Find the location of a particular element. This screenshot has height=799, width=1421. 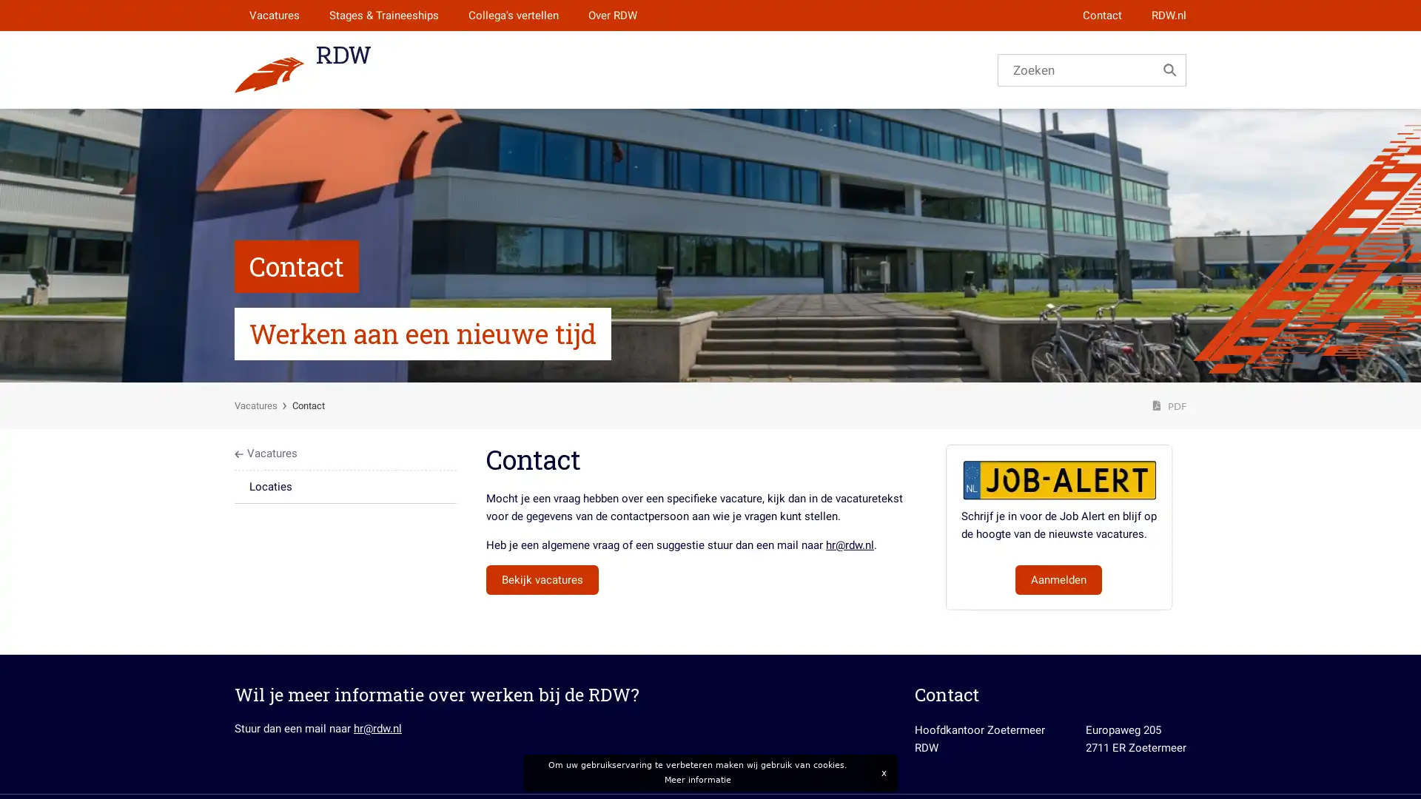

PDF is located at coordinates (1169, 405).